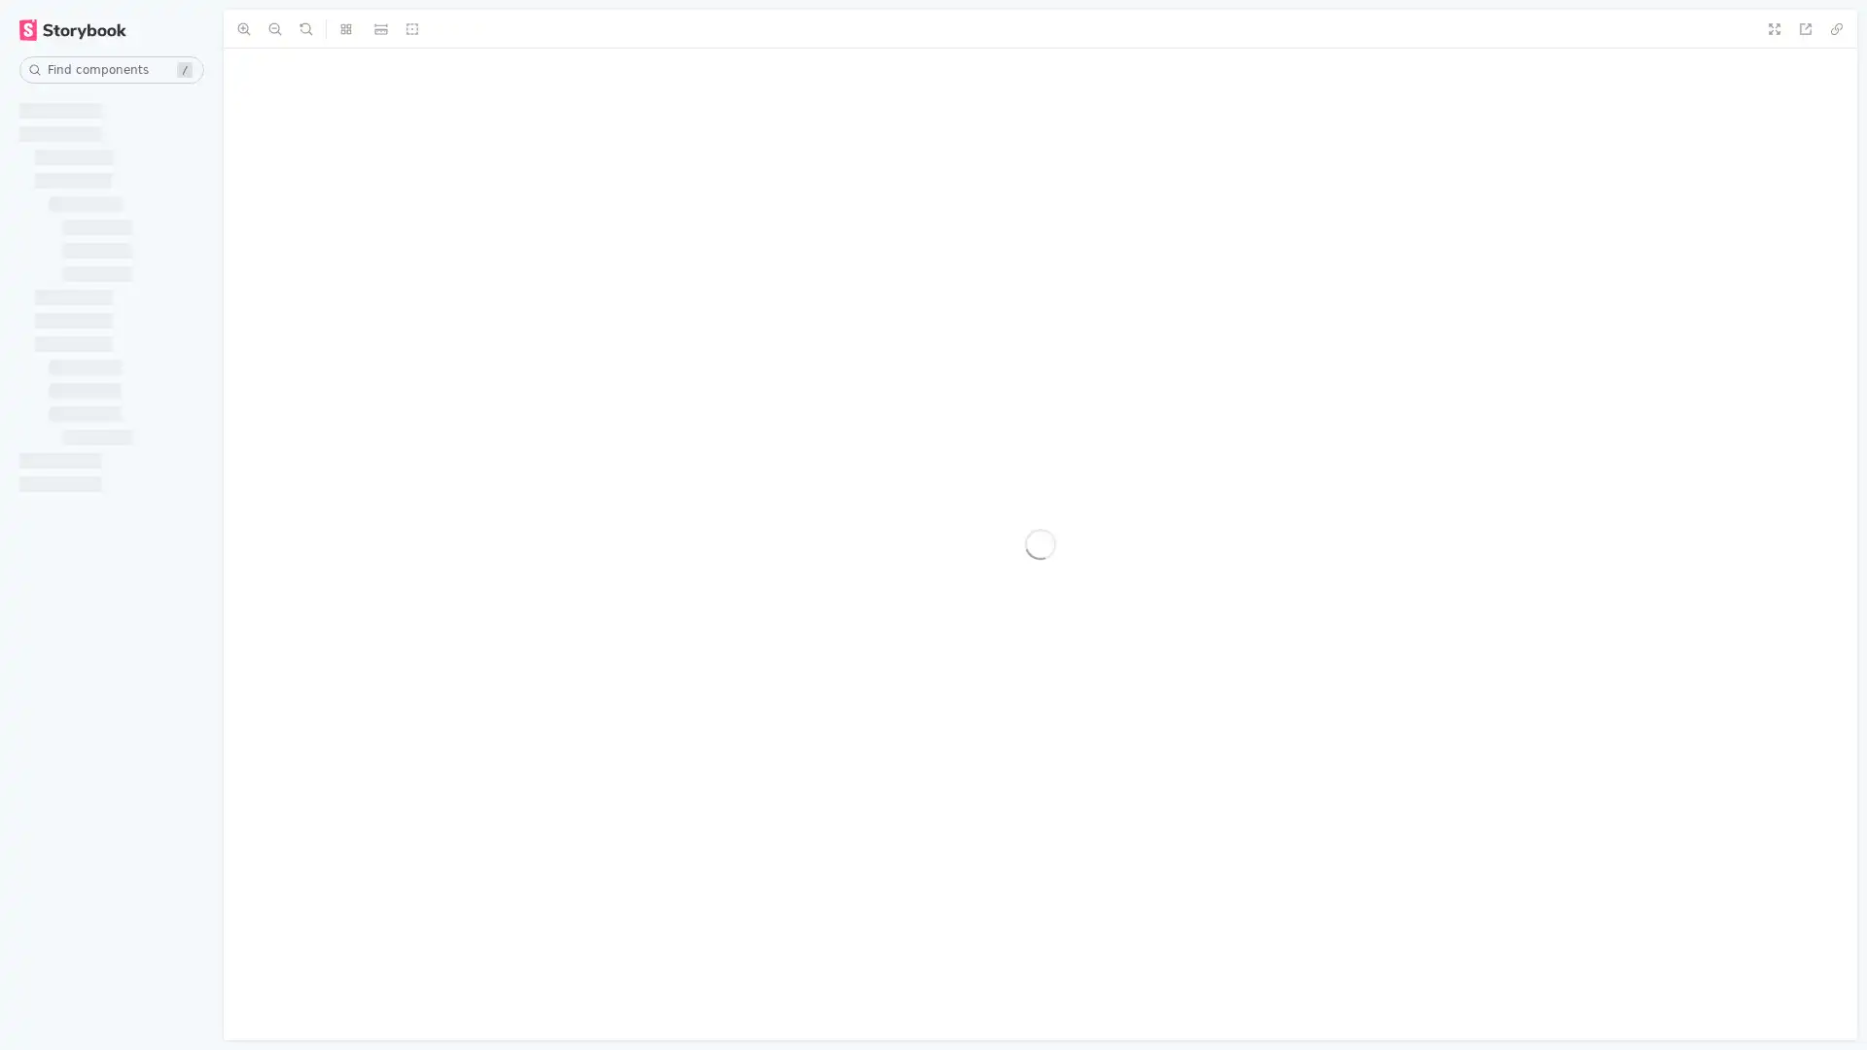 This screenshot has height=1050, width=1867. I want to click on Base Font, so click(736, 29).